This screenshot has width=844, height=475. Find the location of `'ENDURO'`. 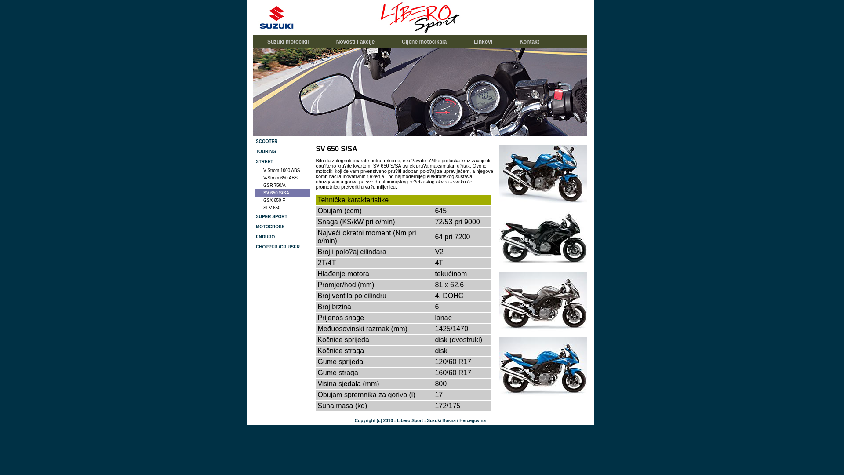

'ENDURO' is located at coordinates (282, 236).